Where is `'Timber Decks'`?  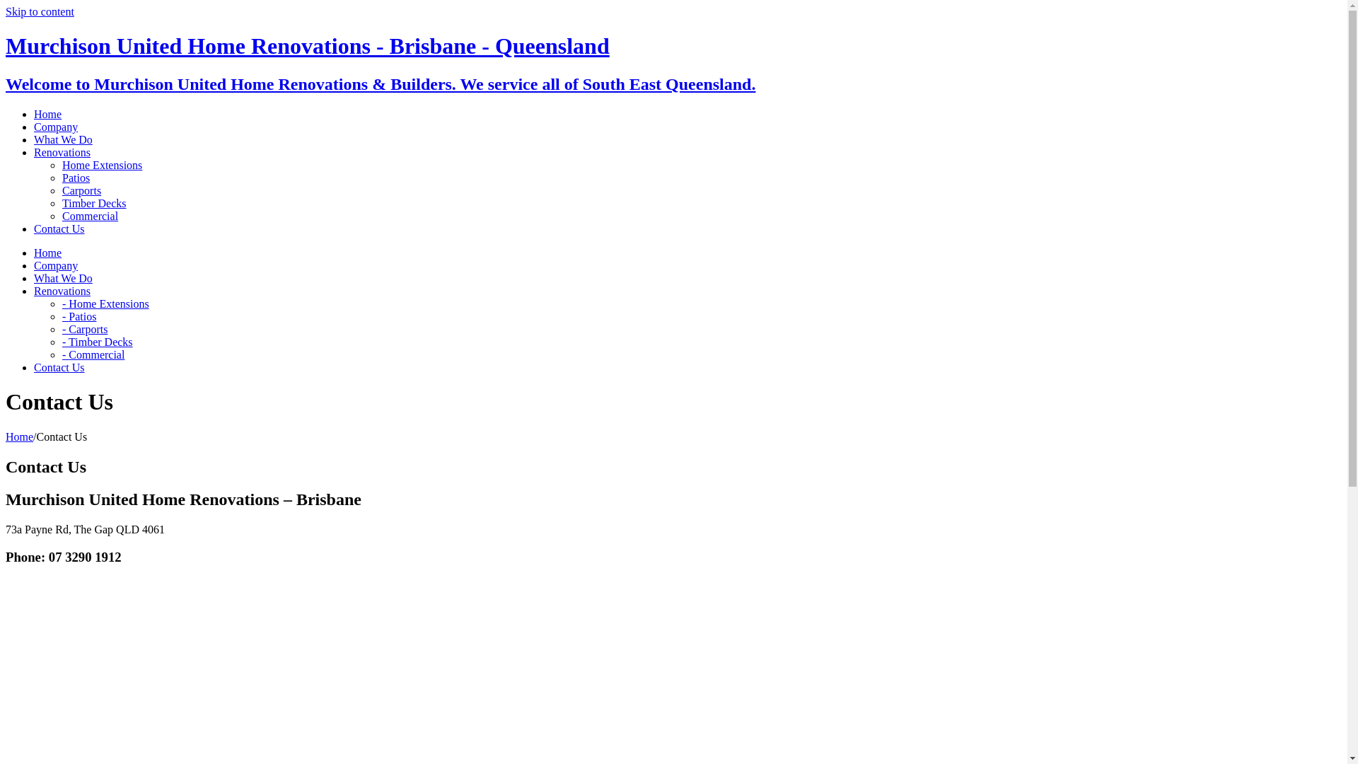
'Timber Decks' is located at coordinates (93, 203).